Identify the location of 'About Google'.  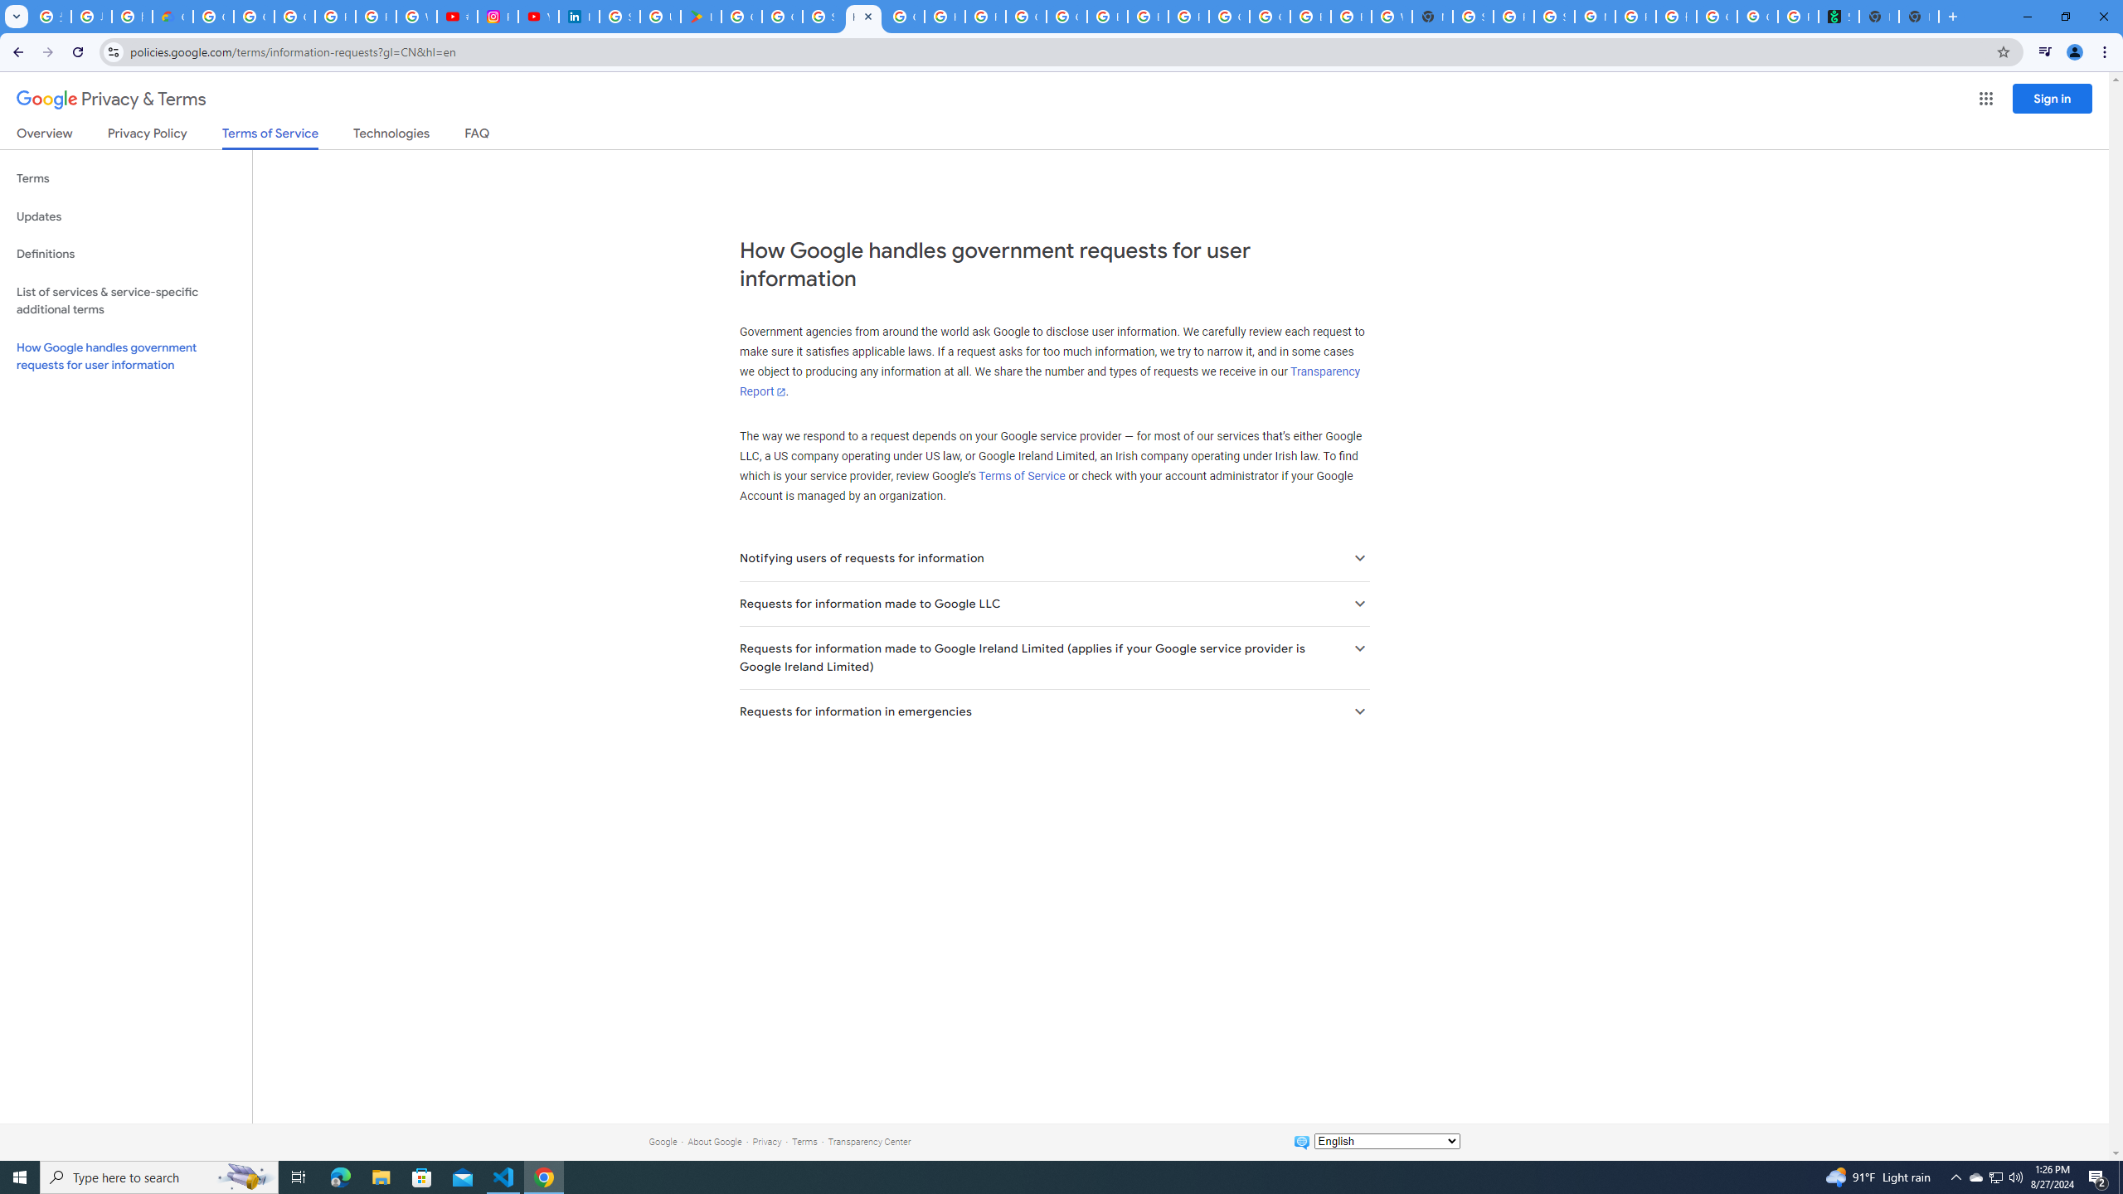
(714, 1141).